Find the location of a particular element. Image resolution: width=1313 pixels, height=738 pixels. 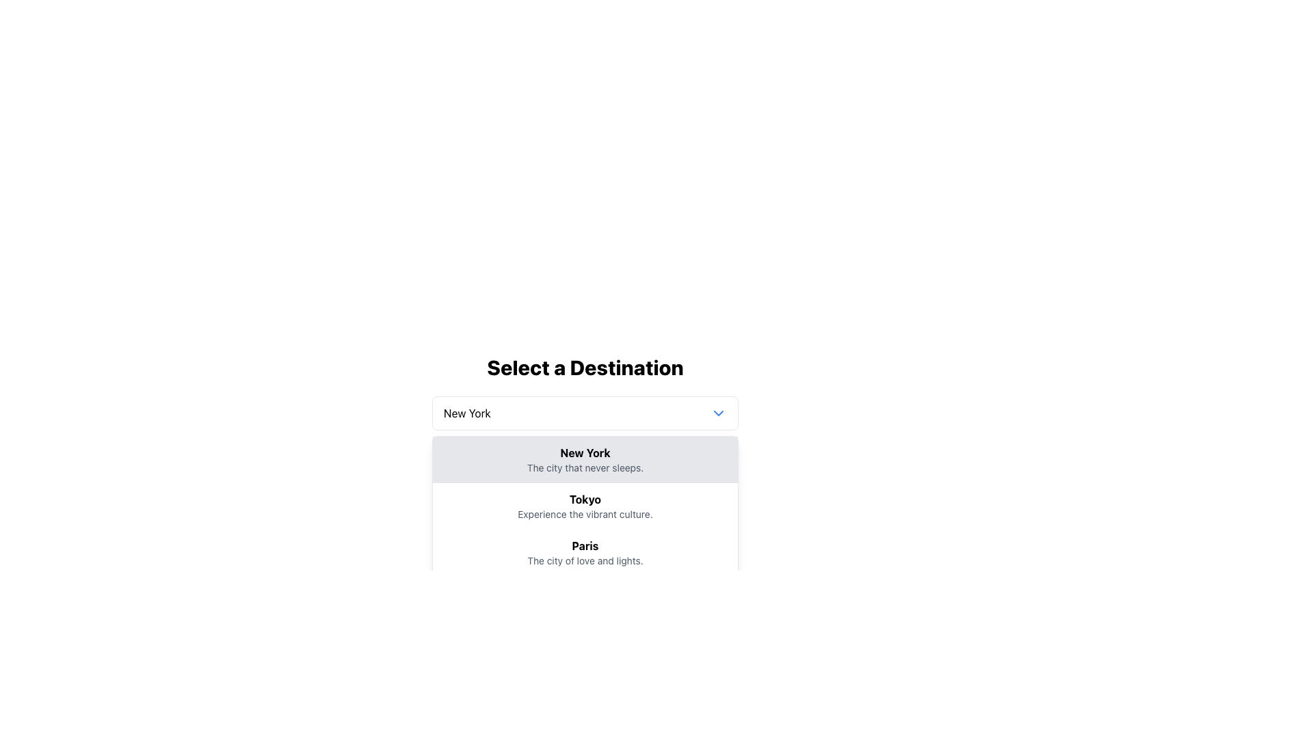

the bold text reading 'New York' located at the top of the selectable list of destinations under the 'Select a Destination' title is located at coordinates (585, 453).